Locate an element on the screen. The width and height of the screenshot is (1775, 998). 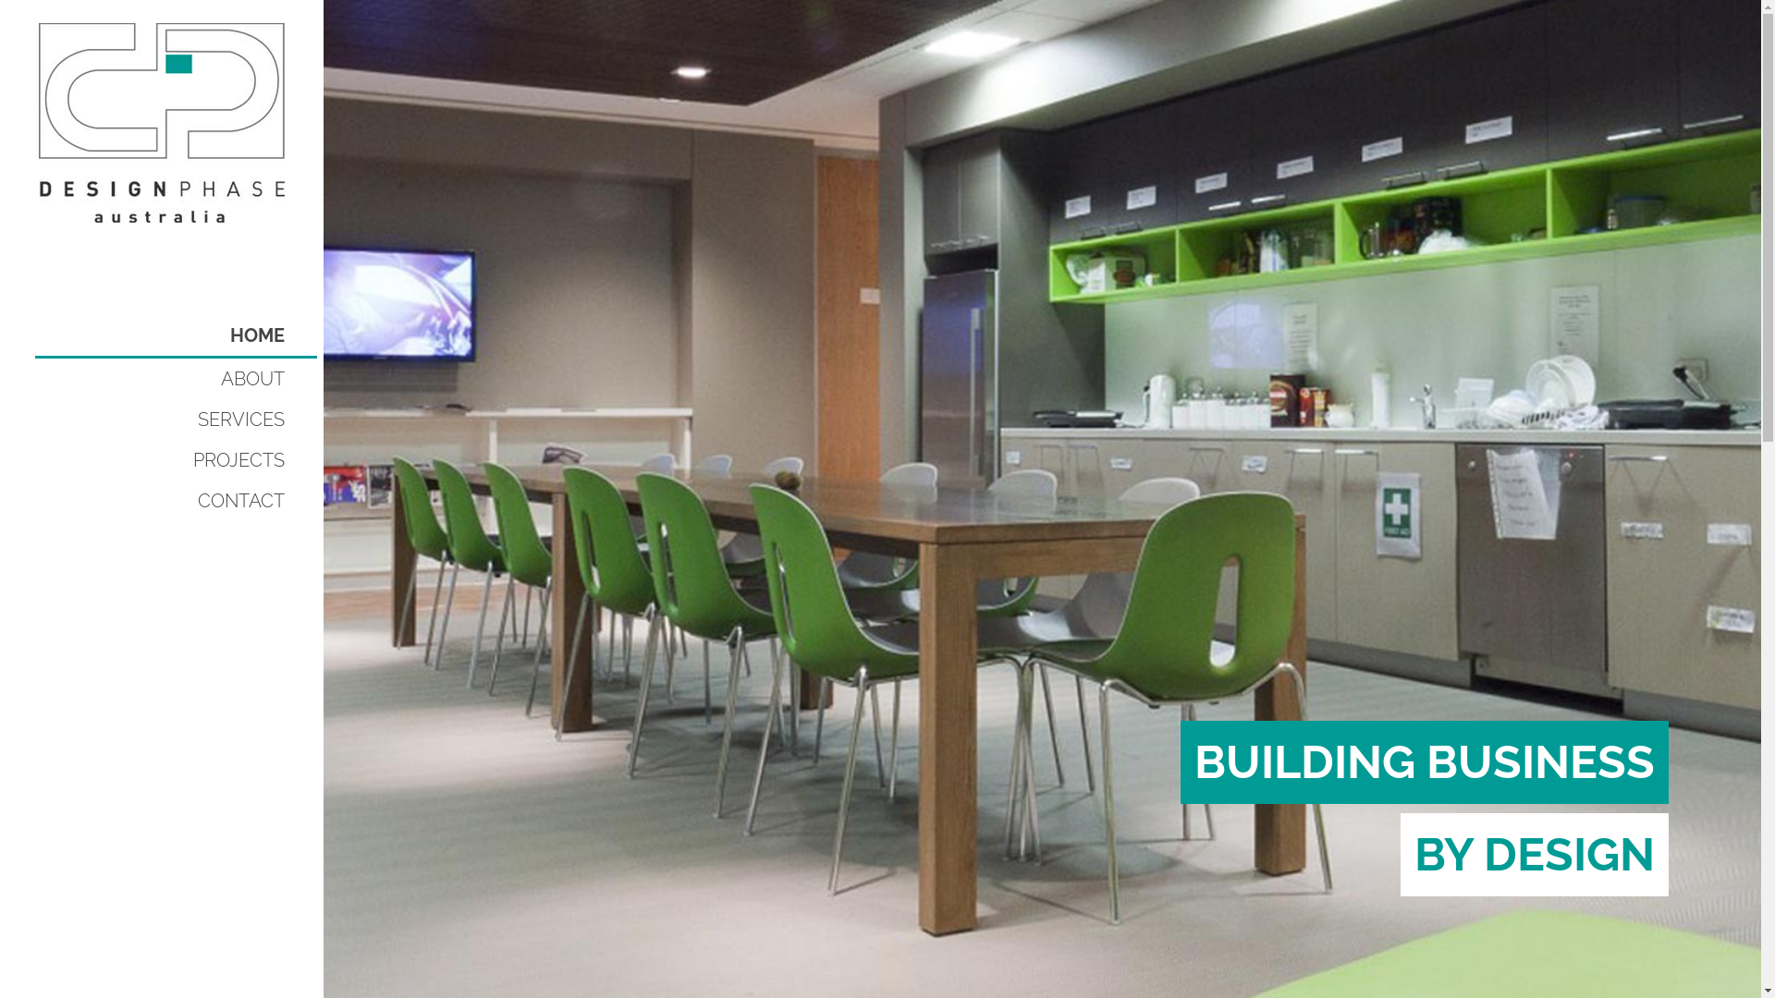
'CONTACT' is located at coordinates (35, 501).